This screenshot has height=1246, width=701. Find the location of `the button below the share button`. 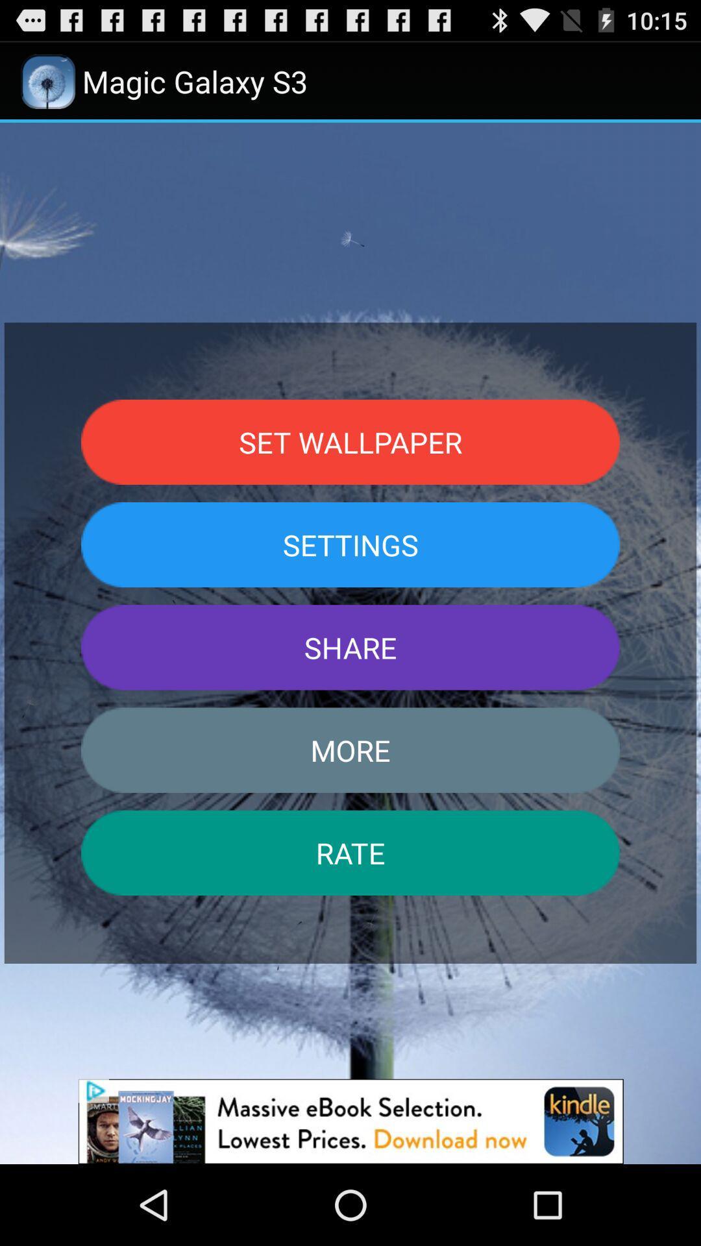

the button below the share button is located at coordinates (350, 750).